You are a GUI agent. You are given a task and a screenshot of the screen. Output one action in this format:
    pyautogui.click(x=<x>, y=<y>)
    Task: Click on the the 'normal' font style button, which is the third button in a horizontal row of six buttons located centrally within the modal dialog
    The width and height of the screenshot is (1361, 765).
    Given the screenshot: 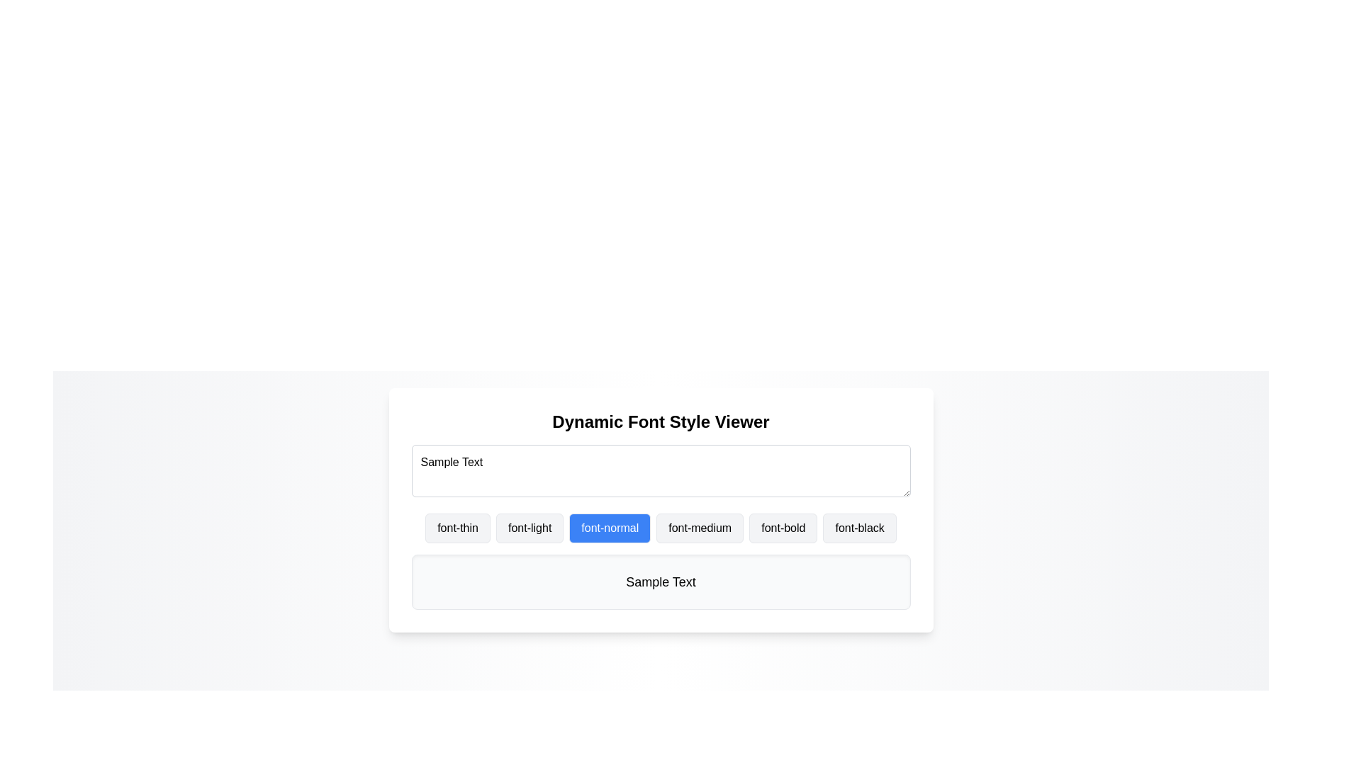 What is the action you would take?
    pyautogui.click(x=660, y=510)
    